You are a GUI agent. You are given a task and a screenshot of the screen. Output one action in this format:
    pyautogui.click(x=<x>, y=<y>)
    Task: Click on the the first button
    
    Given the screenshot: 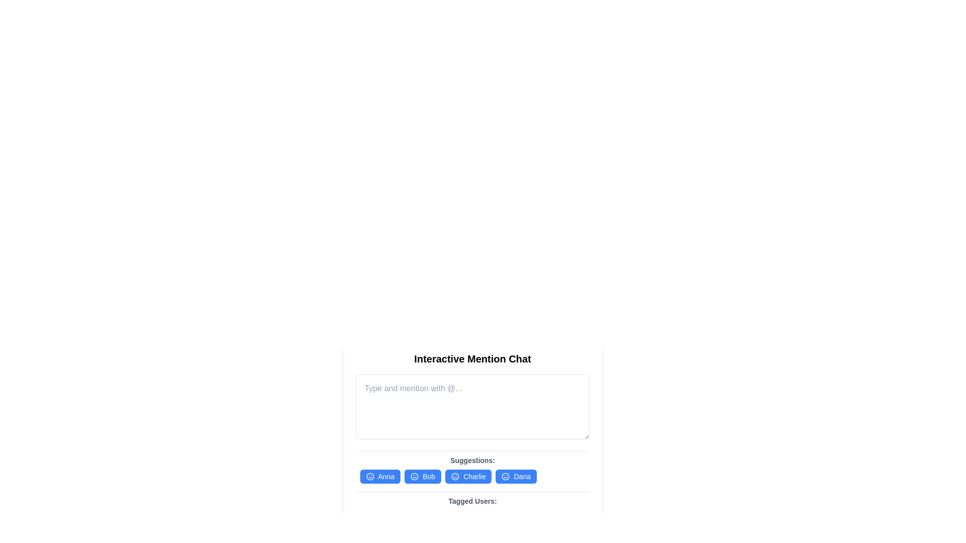 What is the action you would take?
    pyautogui.click(x=379, y=476)
    